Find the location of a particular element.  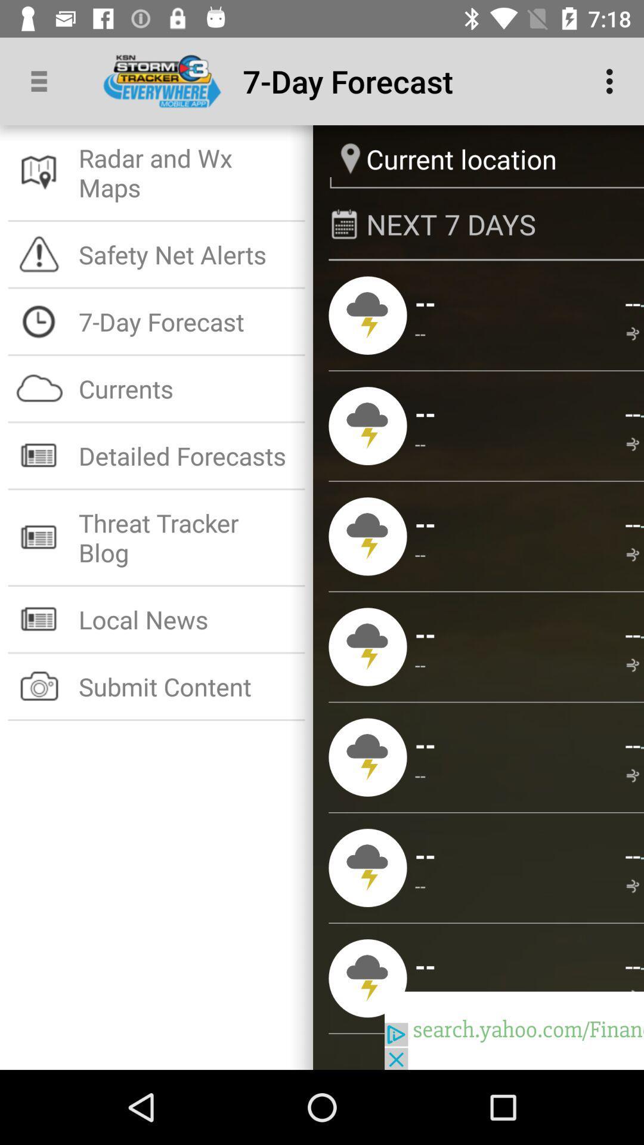

the item above the -- icon is located at coordinates (425, 854).